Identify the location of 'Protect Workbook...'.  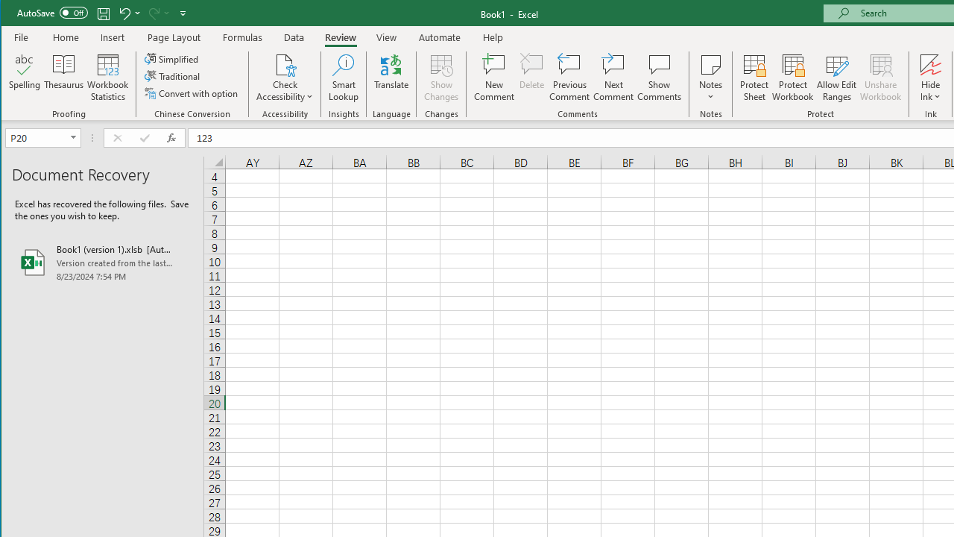
(792, 78).